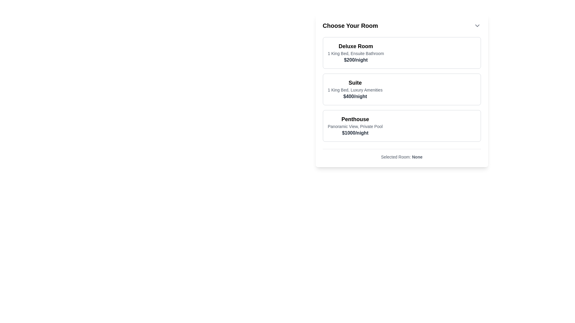  Describe the element at coordinates (355, 90) in the screenshot. I see `the descriptive text element that states '1 King Bed, Luxury Amenities', which is centrally aligned below the heading 'Suite' and above the price information within the room selection card` at that location.